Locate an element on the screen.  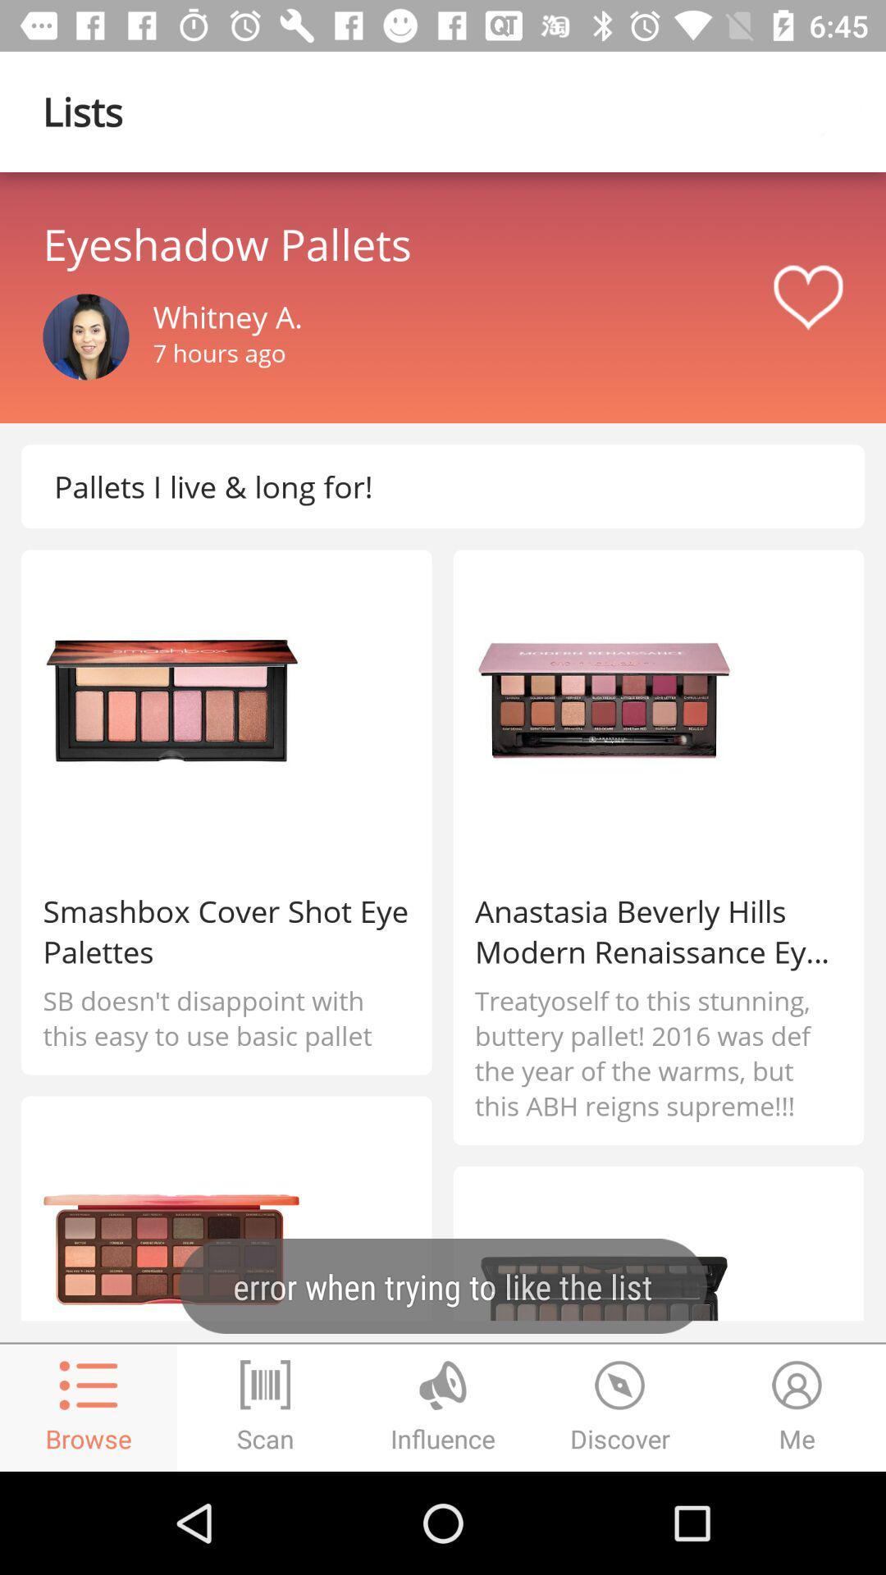
new pega is located at coordinates (843, 111).